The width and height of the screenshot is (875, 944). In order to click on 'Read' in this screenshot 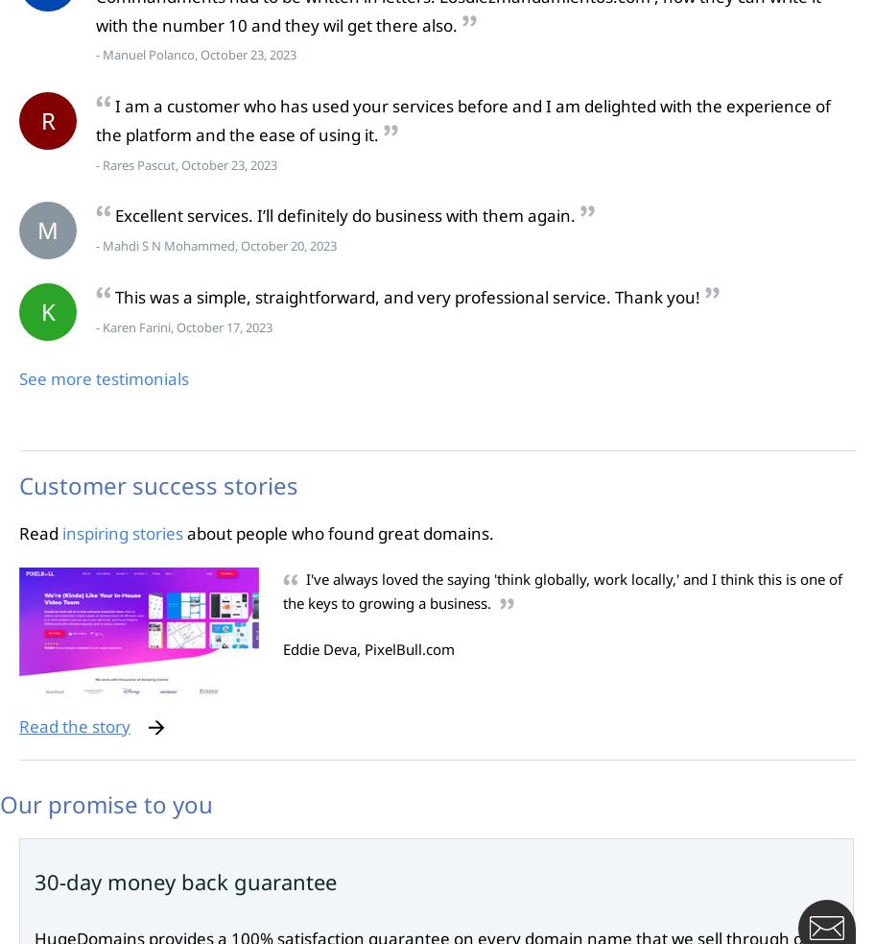, I will do `click(18, 532)`.